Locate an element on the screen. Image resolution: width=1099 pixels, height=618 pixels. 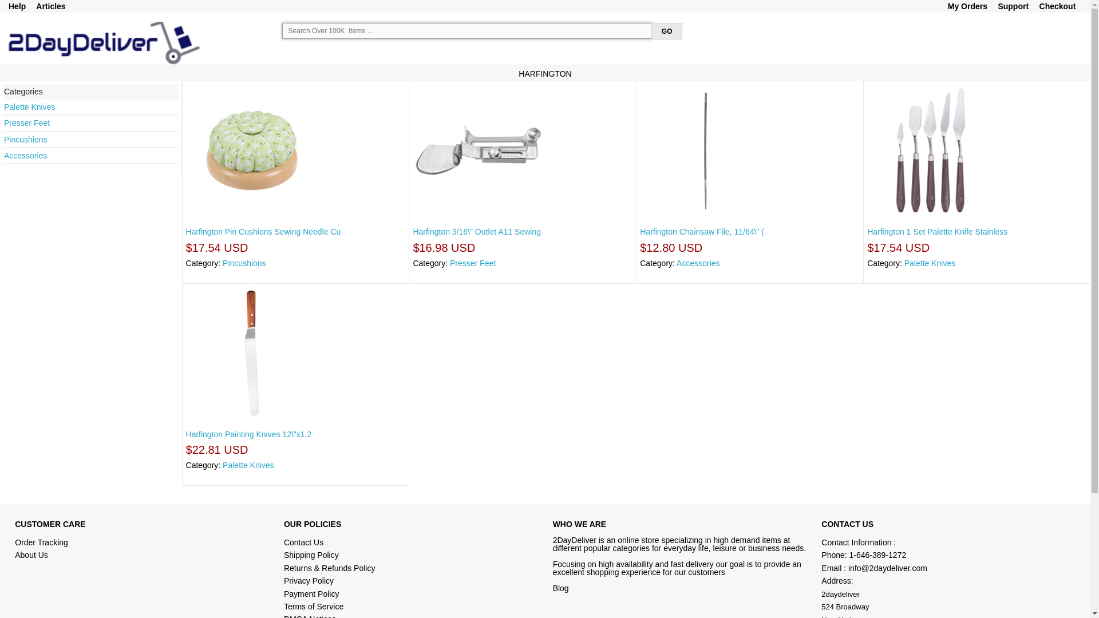
'Contact Us' is located at coordinates (303, 542).